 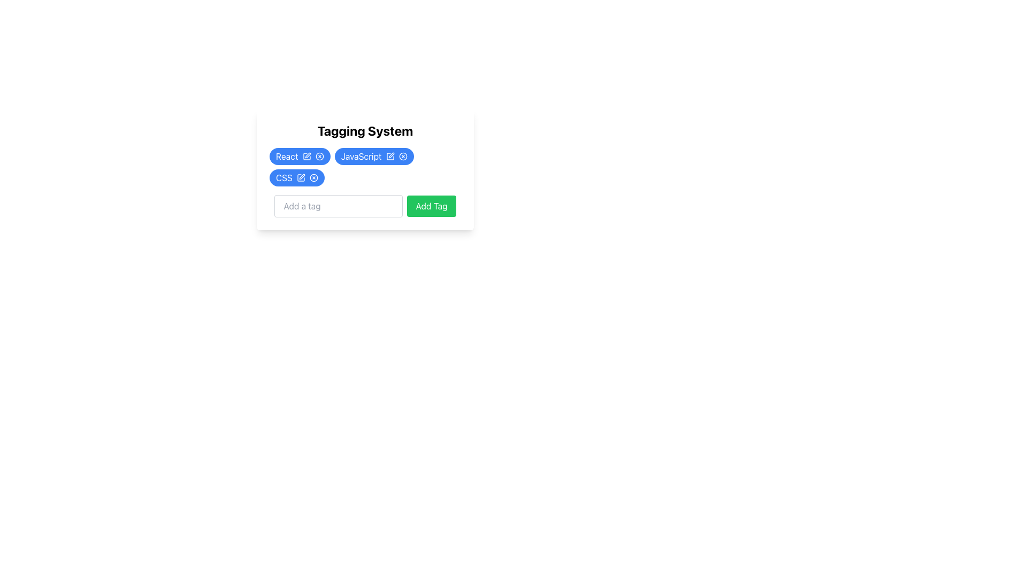 I want to click on the edit icon associated with the 'JavaScript' tag to initiate editing, so click(x=390, y=155).